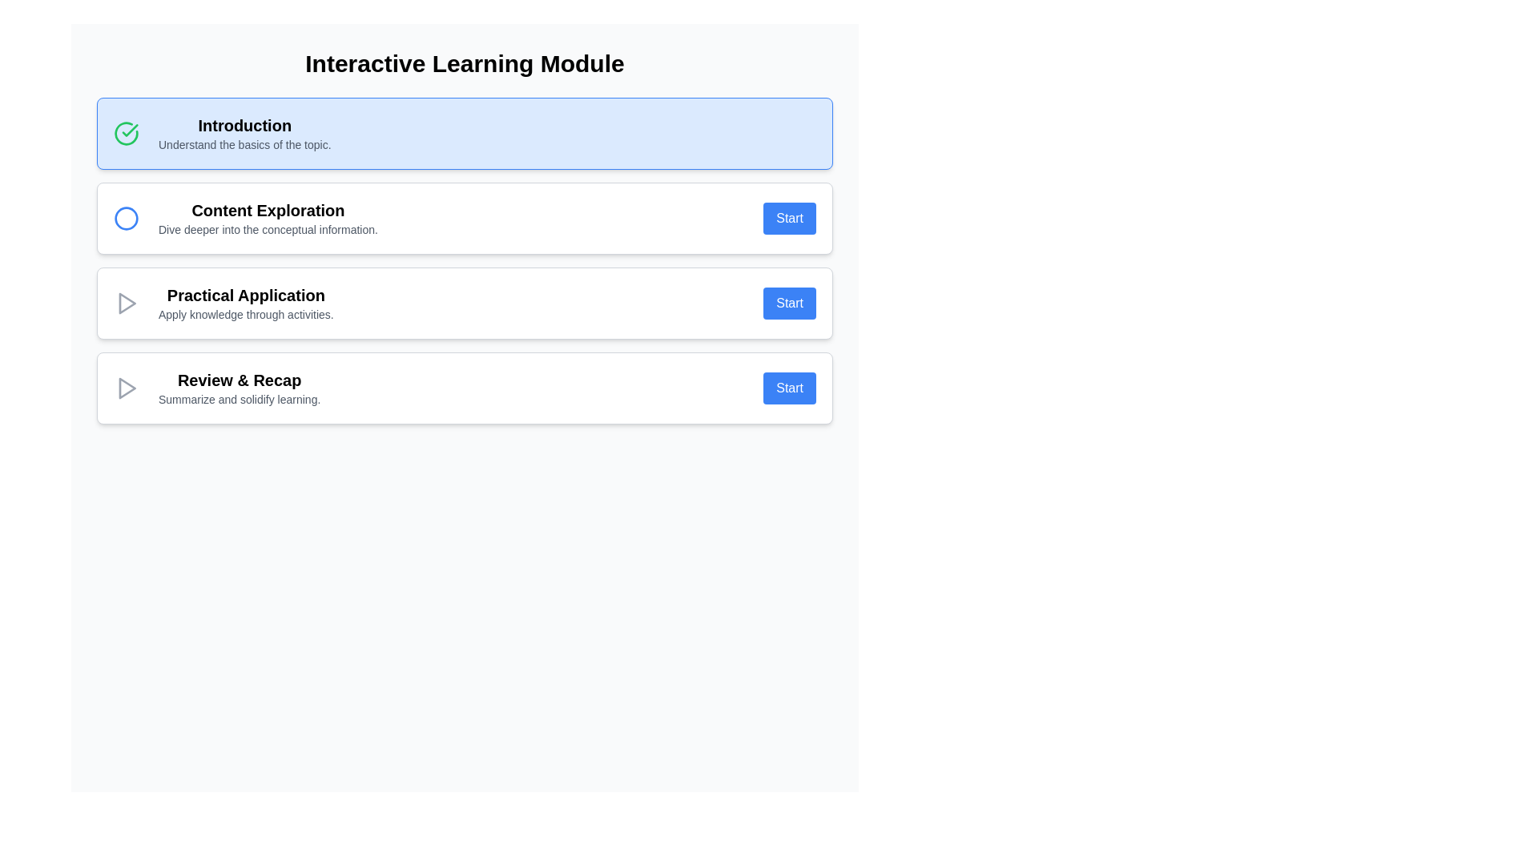 This screenshot has height=865, width=1538. I want to click on the bold, black title text 'Practical Application' located in the third section of the 'Interactive Learning Module', which is prominent above the supporting description, so click(245, 296).